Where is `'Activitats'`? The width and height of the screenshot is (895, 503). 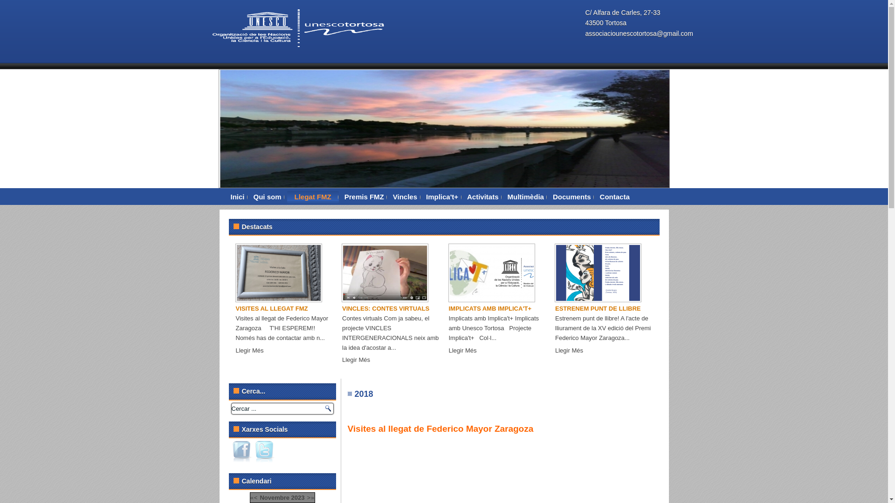
'Activitats' is located at coordinates (483, 197).